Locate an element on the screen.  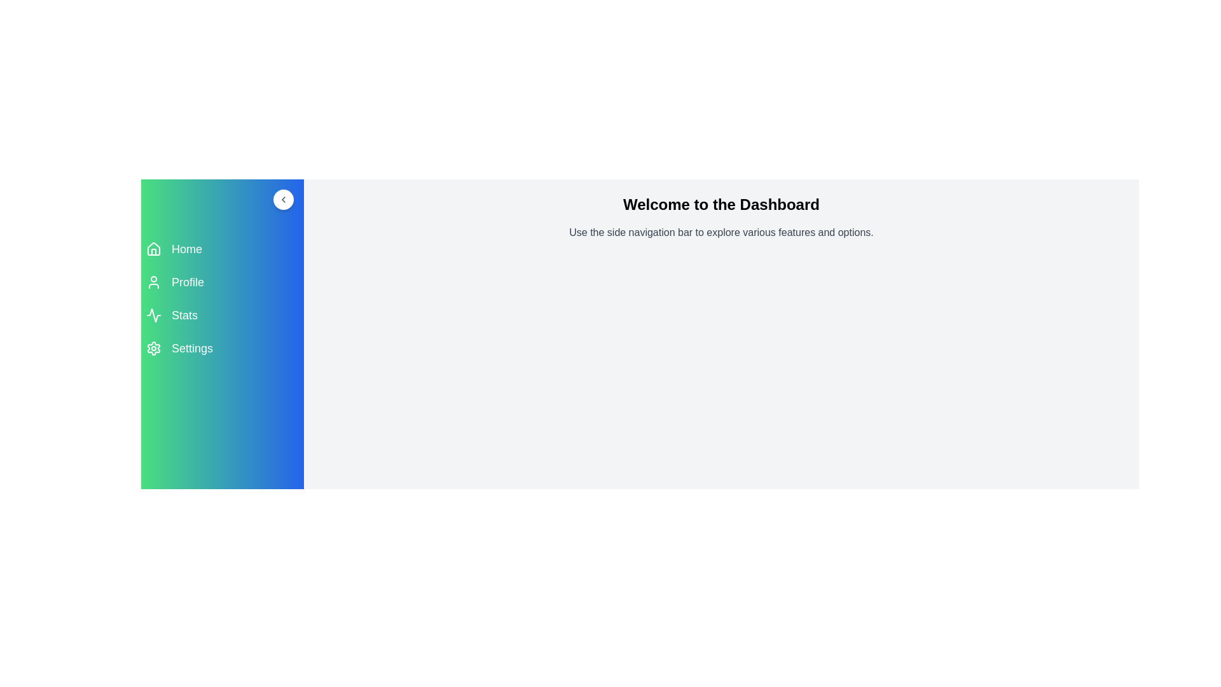
the 'Stats' text label in the left navigation menu, which is styled with a white font color on a green-blue gradient background and is the third item in the vertical arrangement of options is located at coordinates (184, 315).